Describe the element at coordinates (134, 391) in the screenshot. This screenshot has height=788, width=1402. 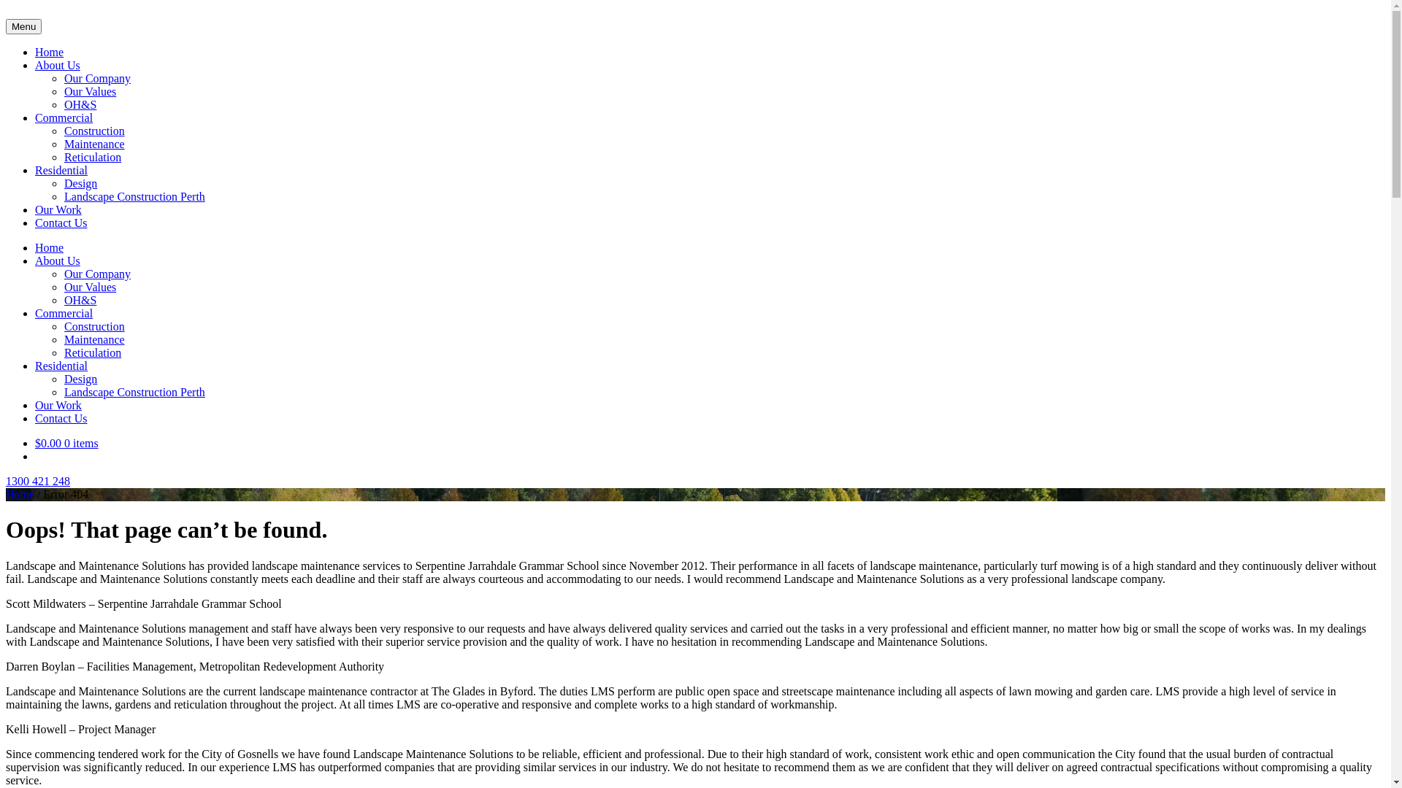
I see `'Landscape Construction Perth'` at that location.